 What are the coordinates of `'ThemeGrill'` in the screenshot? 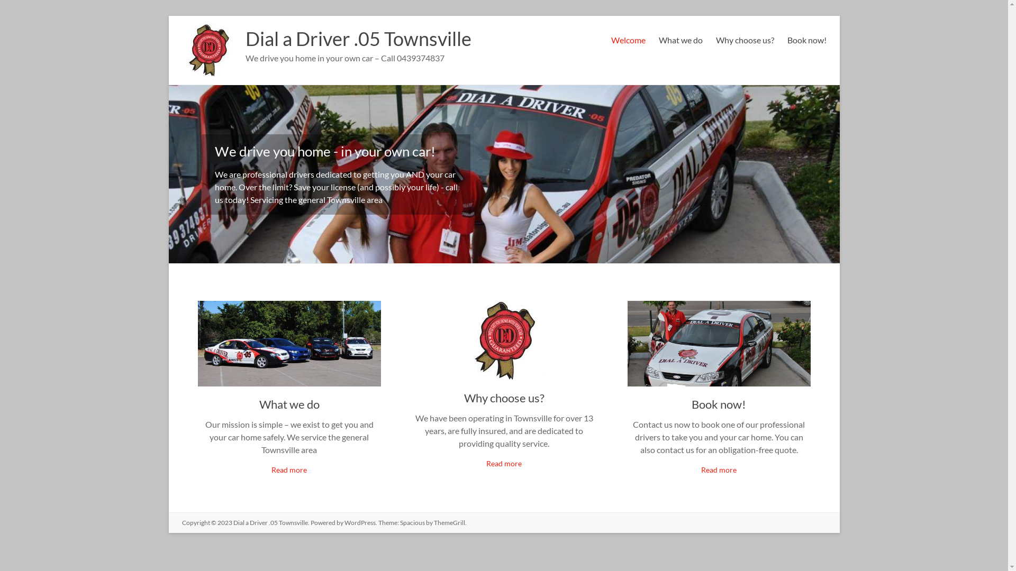 It's located at (449, 522).